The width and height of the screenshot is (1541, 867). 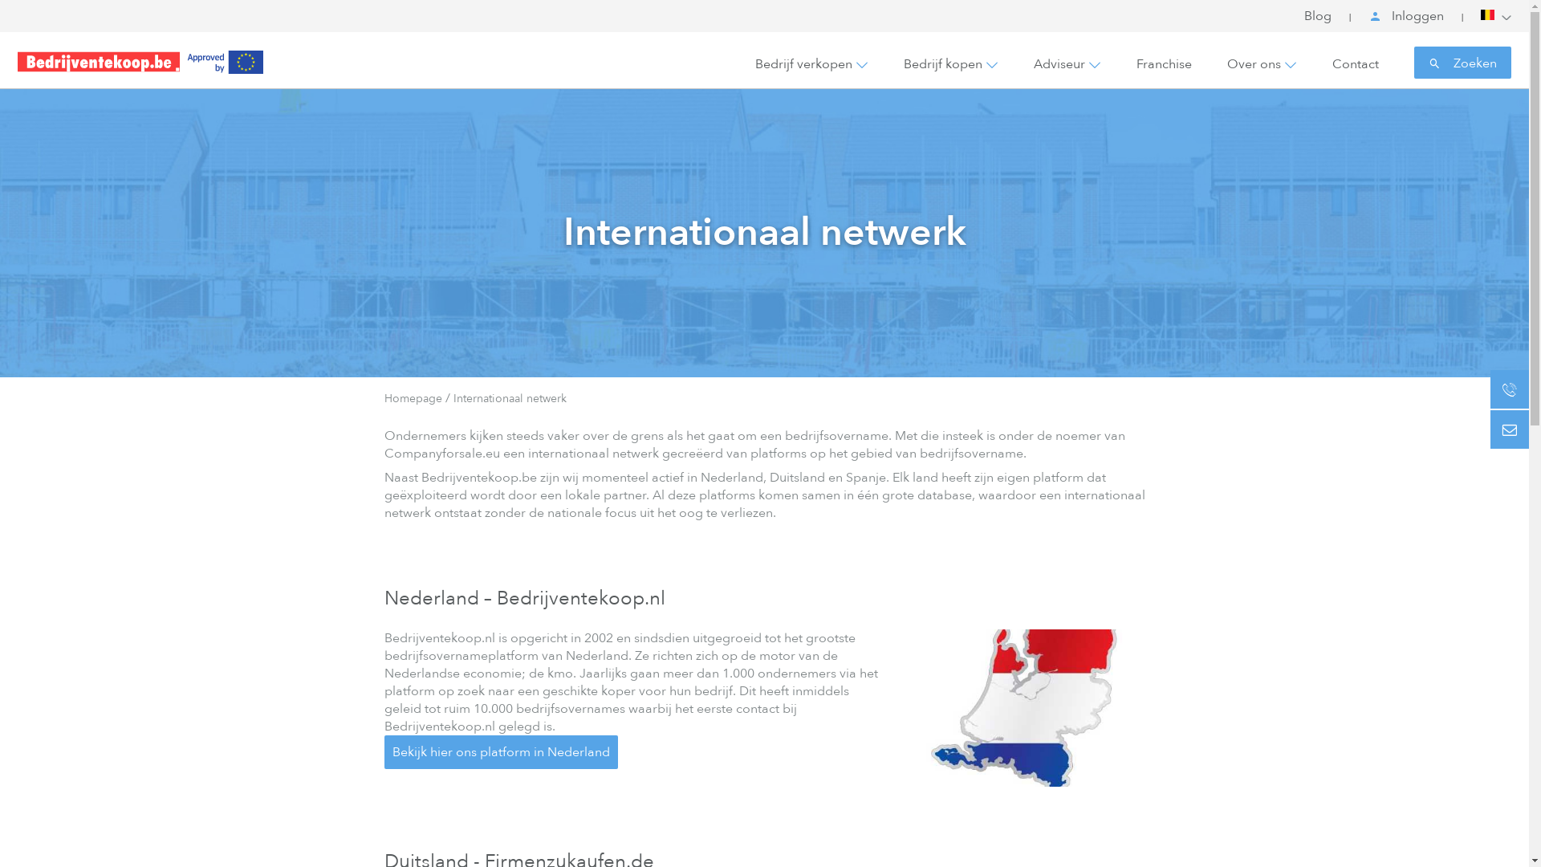 What do you see at coordinates (383, 397) in the screenshot?
I see `'Homepage'` at bounding box center [383, 397].